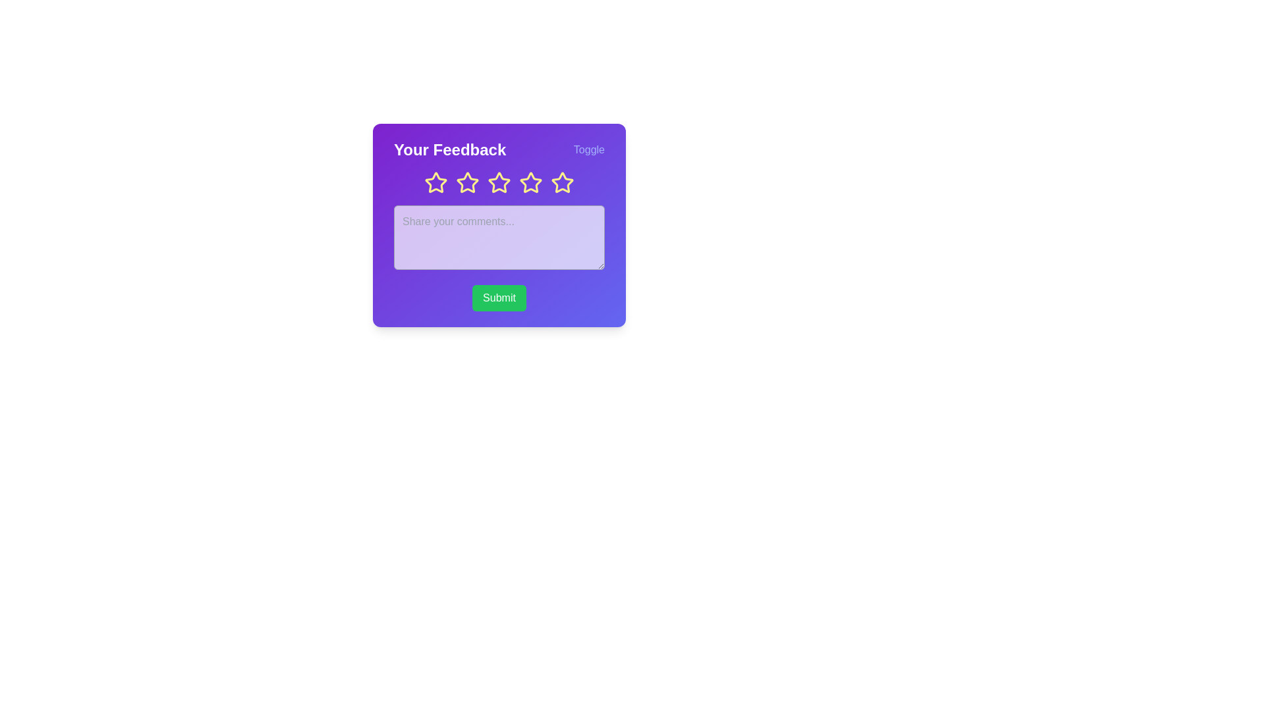 Image resolution: width=1265 pixels, height=711 pixels. What do you see at coordinates (531, 182) in the screenshot?
I see `the fourth star icon in the 5-star rating system` at bounding box center [531, 182].